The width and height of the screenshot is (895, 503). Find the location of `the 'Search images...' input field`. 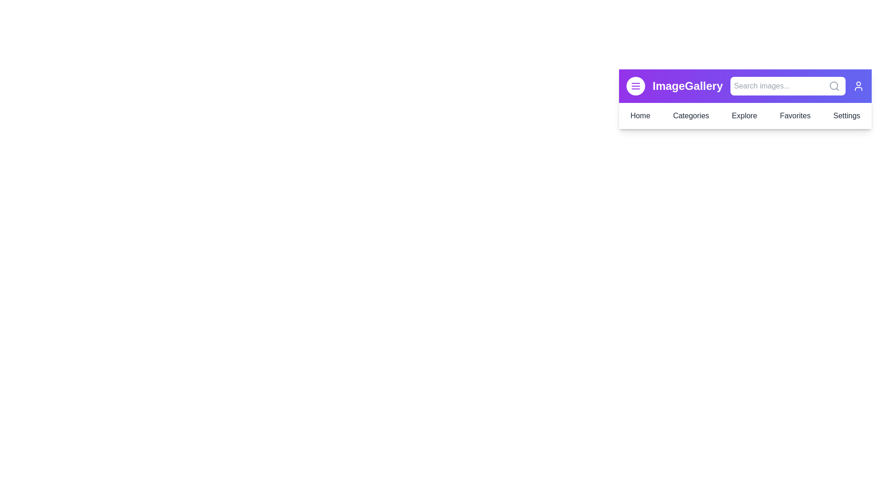

the 'Search images...' input field is located at coordinates (787, 86).